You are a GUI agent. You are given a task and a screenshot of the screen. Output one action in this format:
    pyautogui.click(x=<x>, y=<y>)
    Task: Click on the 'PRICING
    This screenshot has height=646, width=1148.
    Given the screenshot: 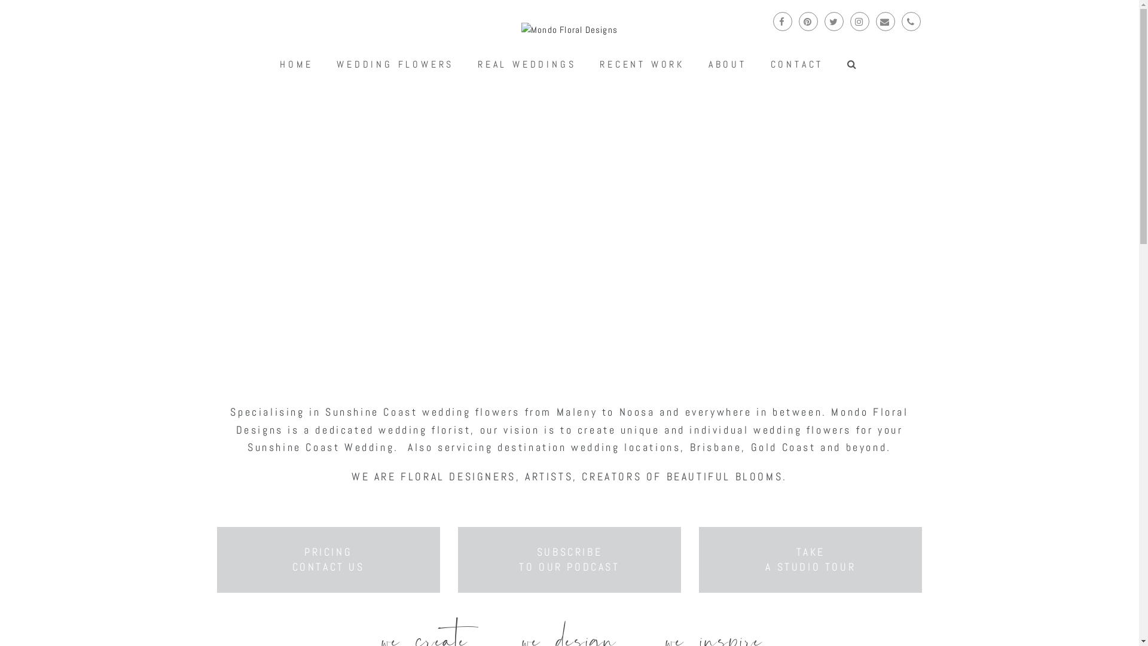 What is the action you would take?
    pyautogui.click(x=328, y=559)
    